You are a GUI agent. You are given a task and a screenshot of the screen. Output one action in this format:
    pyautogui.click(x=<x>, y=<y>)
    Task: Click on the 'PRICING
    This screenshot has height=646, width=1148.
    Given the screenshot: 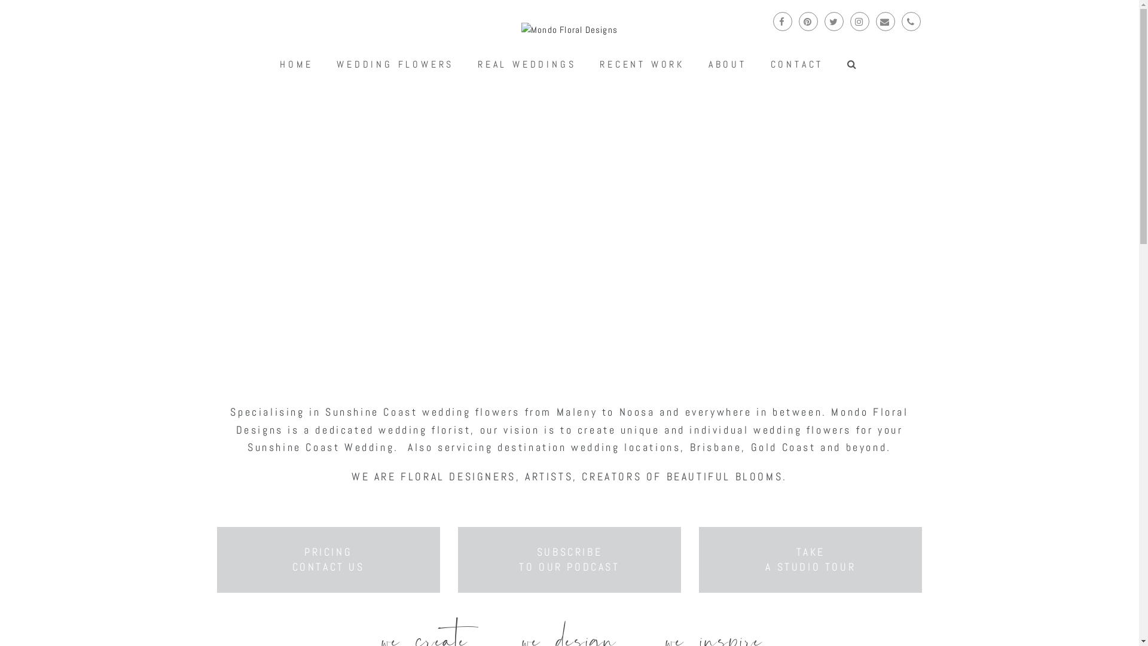 What is the action you would take?
    pyautogui.click(x=328, y=559)
    